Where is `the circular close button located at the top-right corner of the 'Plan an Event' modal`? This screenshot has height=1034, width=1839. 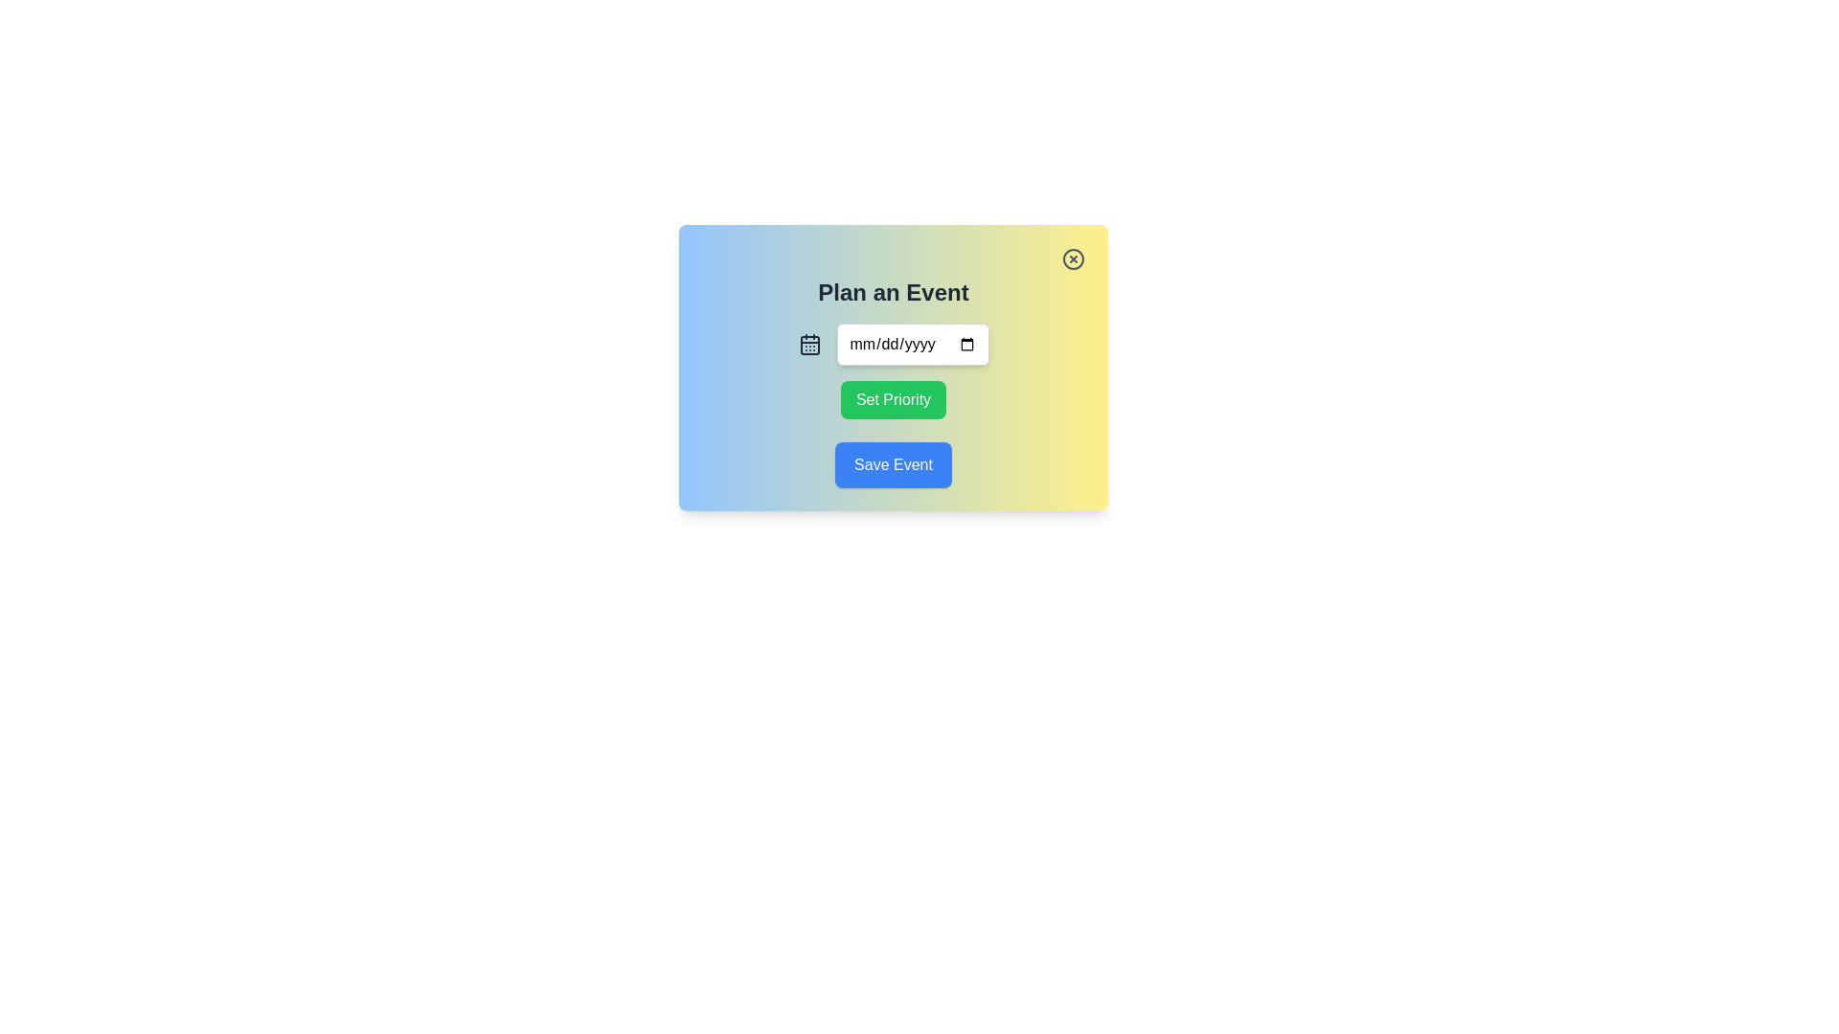
the circular close button located at the top-right corner of the 'Plan an Event' modal is located at coordinates (1074, 258).